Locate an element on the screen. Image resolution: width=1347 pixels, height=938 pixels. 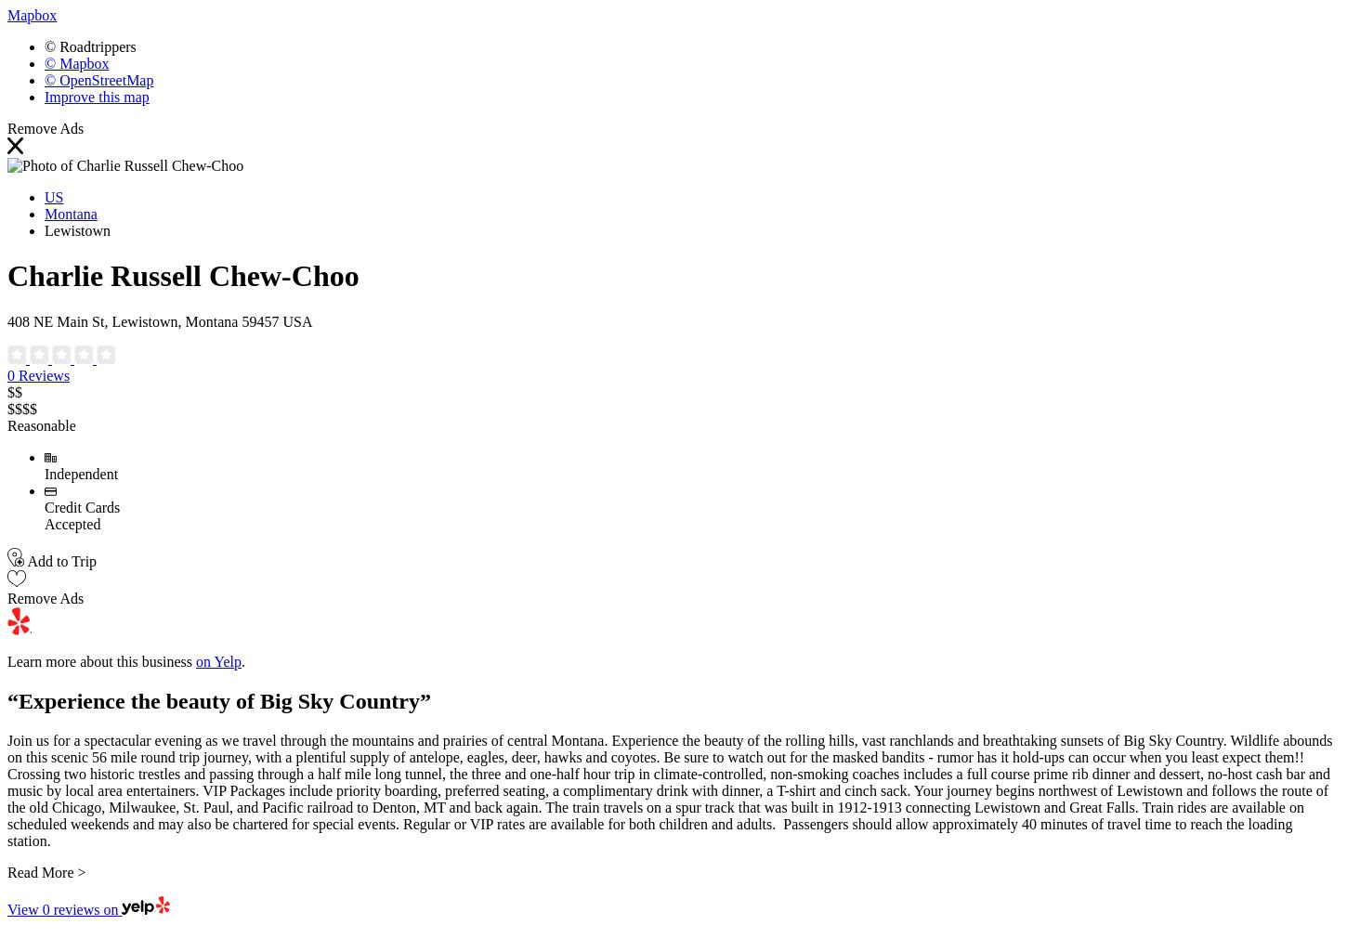
'Charlie Russell Chew-Choo' is located at coordinates (182, 276).